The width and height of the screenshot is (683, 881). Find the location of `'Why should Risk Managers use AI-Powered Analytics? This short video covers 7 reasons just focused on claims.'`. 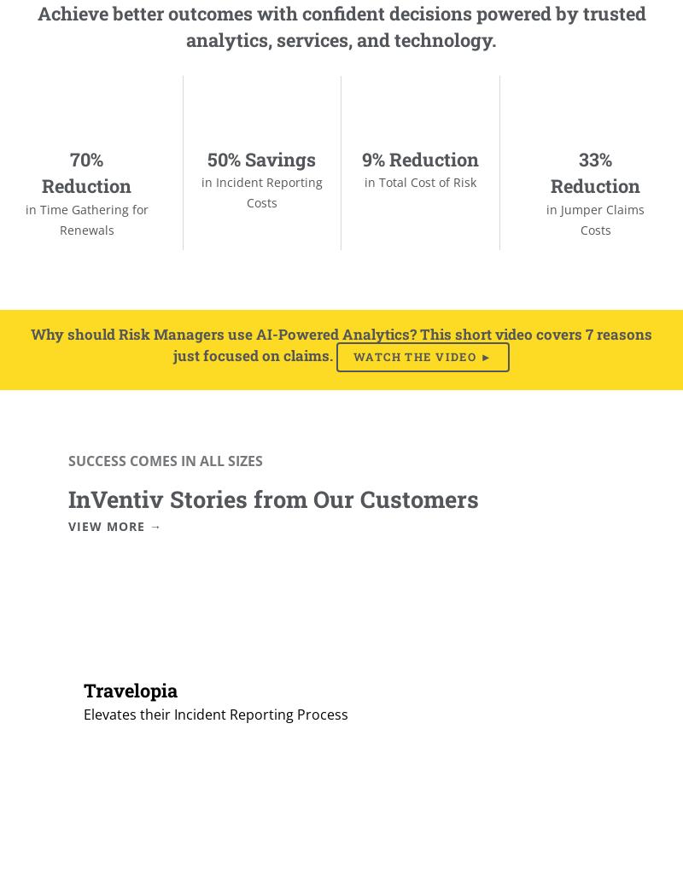

'Why should Risk Managers use AI-Powered Analytics? This short video covers 7 reasons just focused on claims.' is located at coordinates (341, 343).